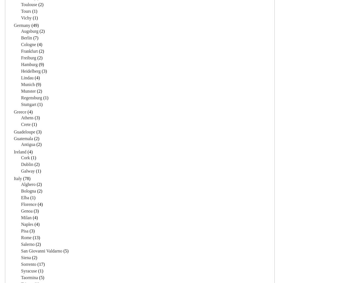  Describe the element at coordinates (20, 151) in the screenshot. I see `'Ireland'` at that location.